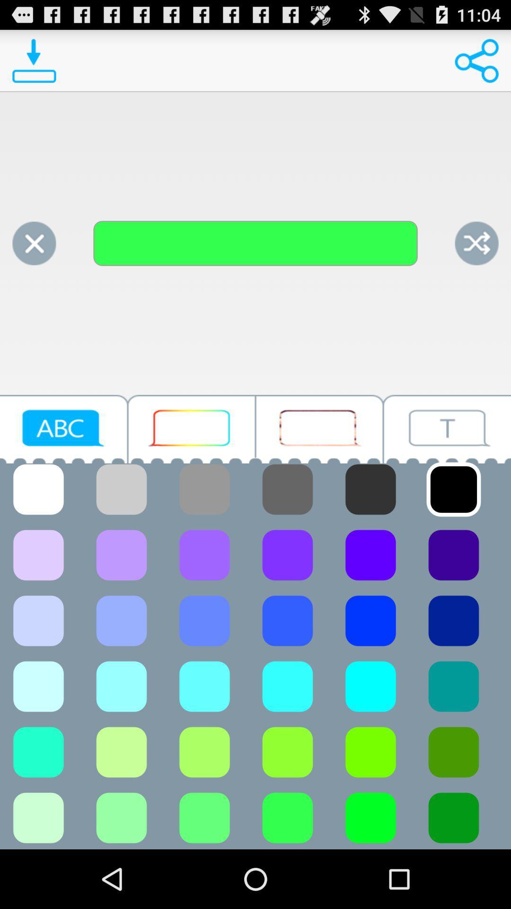  Describe the element at coordinates (319, 499) in the screenshot. I see `the more icon` at that location.